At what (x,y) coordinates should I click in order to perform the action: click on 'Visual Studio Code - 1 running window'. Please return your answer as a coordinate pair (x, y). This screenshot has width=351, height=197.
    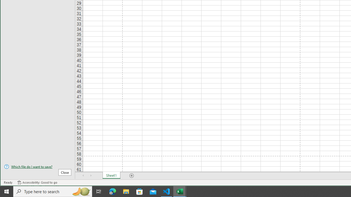
    Looking at the image, I should click on (166, 191).